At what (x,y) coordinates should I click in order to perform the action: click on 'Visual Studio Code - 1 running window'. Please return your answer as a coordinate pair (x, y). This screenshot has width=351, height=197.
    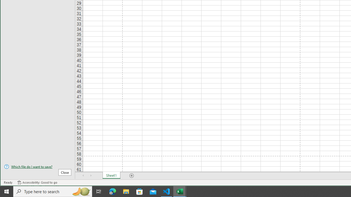
    Looking at the image, I should click on (166, 191).